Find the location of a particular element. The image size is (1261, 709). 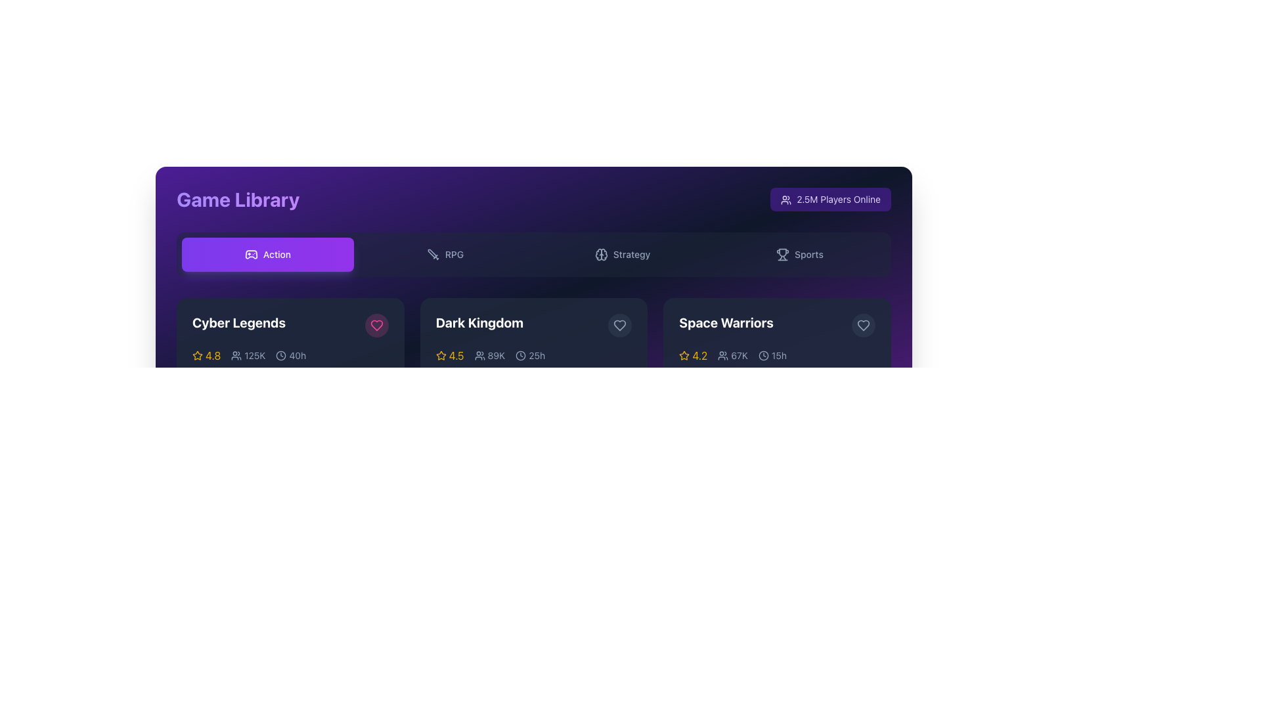

the non-interactive timestamp indicator displaying '15h' with a clock icon, which is located to the right of a user count display ('67K') is located at coordinates (772, 356).